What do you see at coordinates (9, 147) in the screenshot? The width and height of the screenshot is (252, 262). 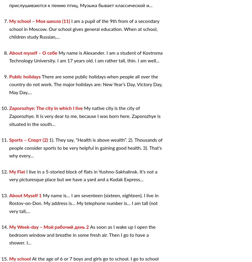 I see `'1). They say, “Health is above wealth”. 2). Thousands of people consider sports to be very helpful in gaining good health. 3). That’s why every...'` at bounding box center [9, 147].